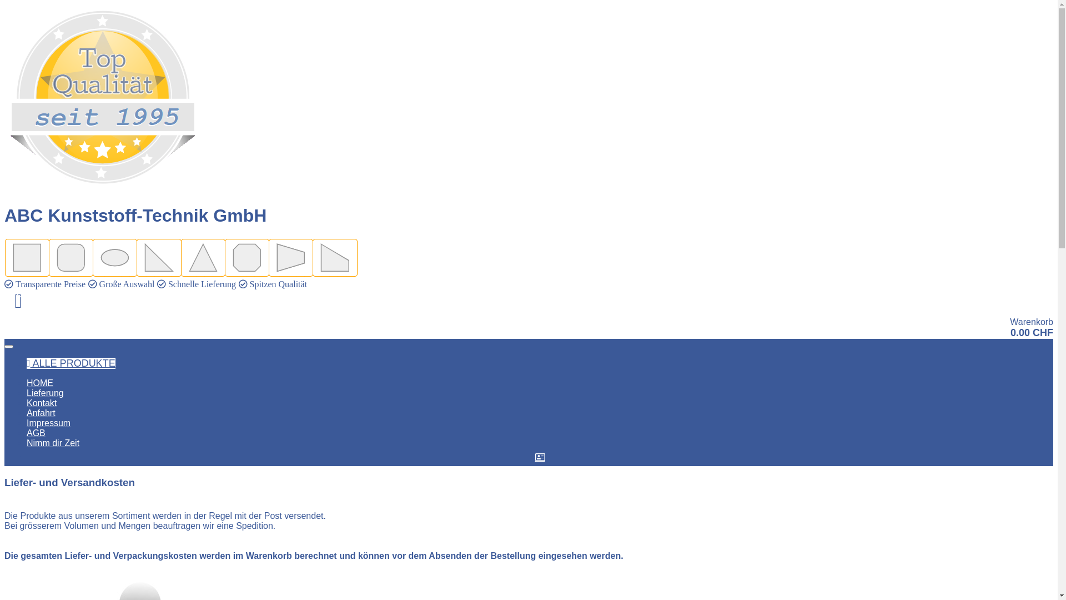 The image size is (1066, 600). I want to click on '0, so click(528, 314).